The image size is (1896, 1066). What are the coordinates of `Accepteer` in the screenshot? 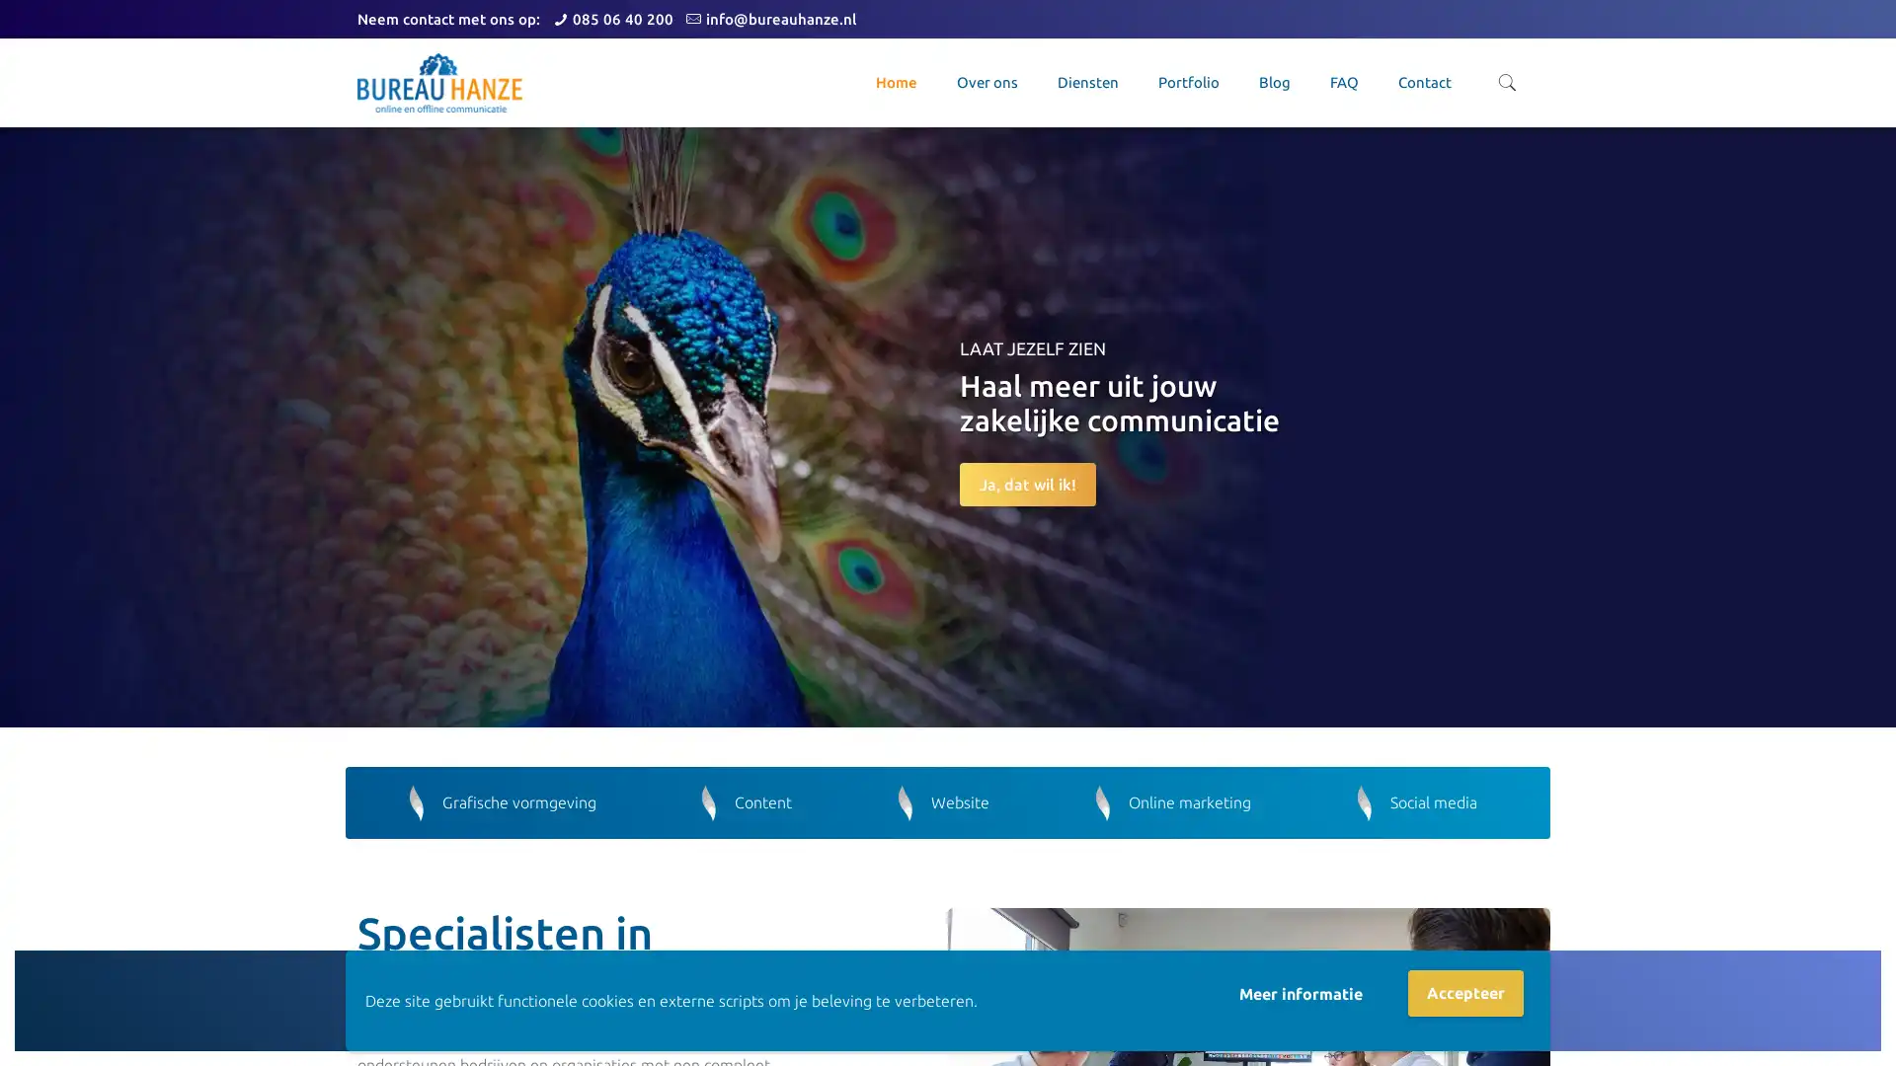 It's located at (1465, 993).